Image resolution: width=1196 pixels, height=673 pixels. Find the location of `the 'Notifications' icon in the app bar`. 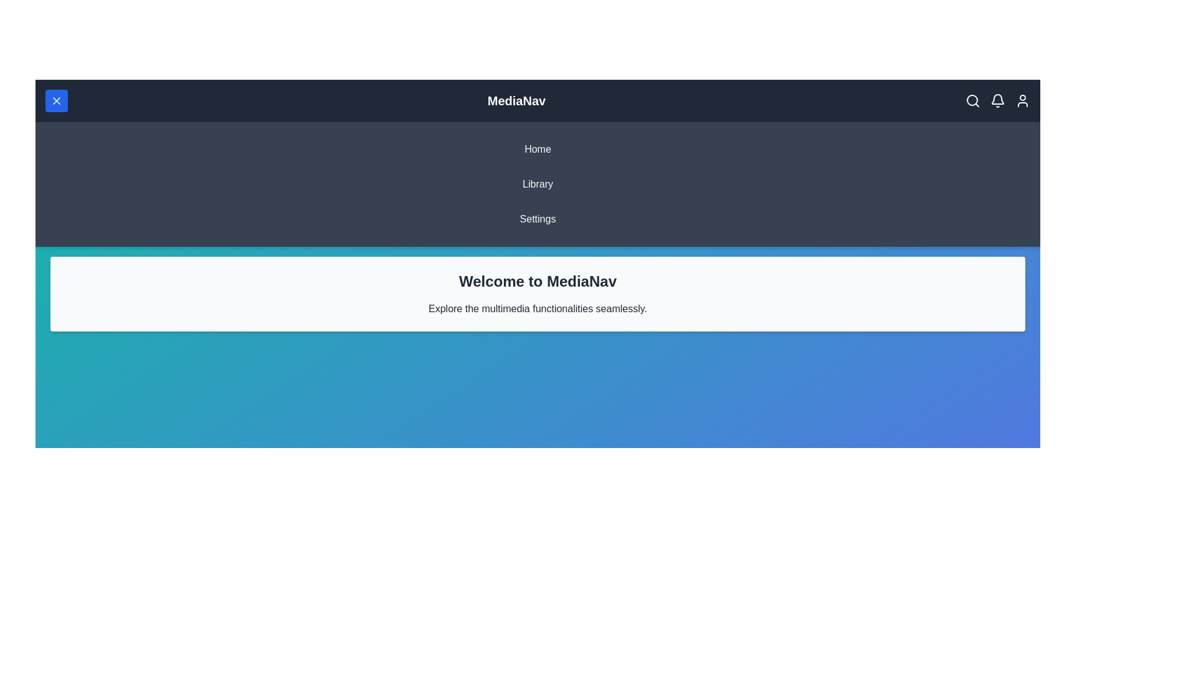

the 'Notifications' icon in the app bar is located at coordinates (998, 100).